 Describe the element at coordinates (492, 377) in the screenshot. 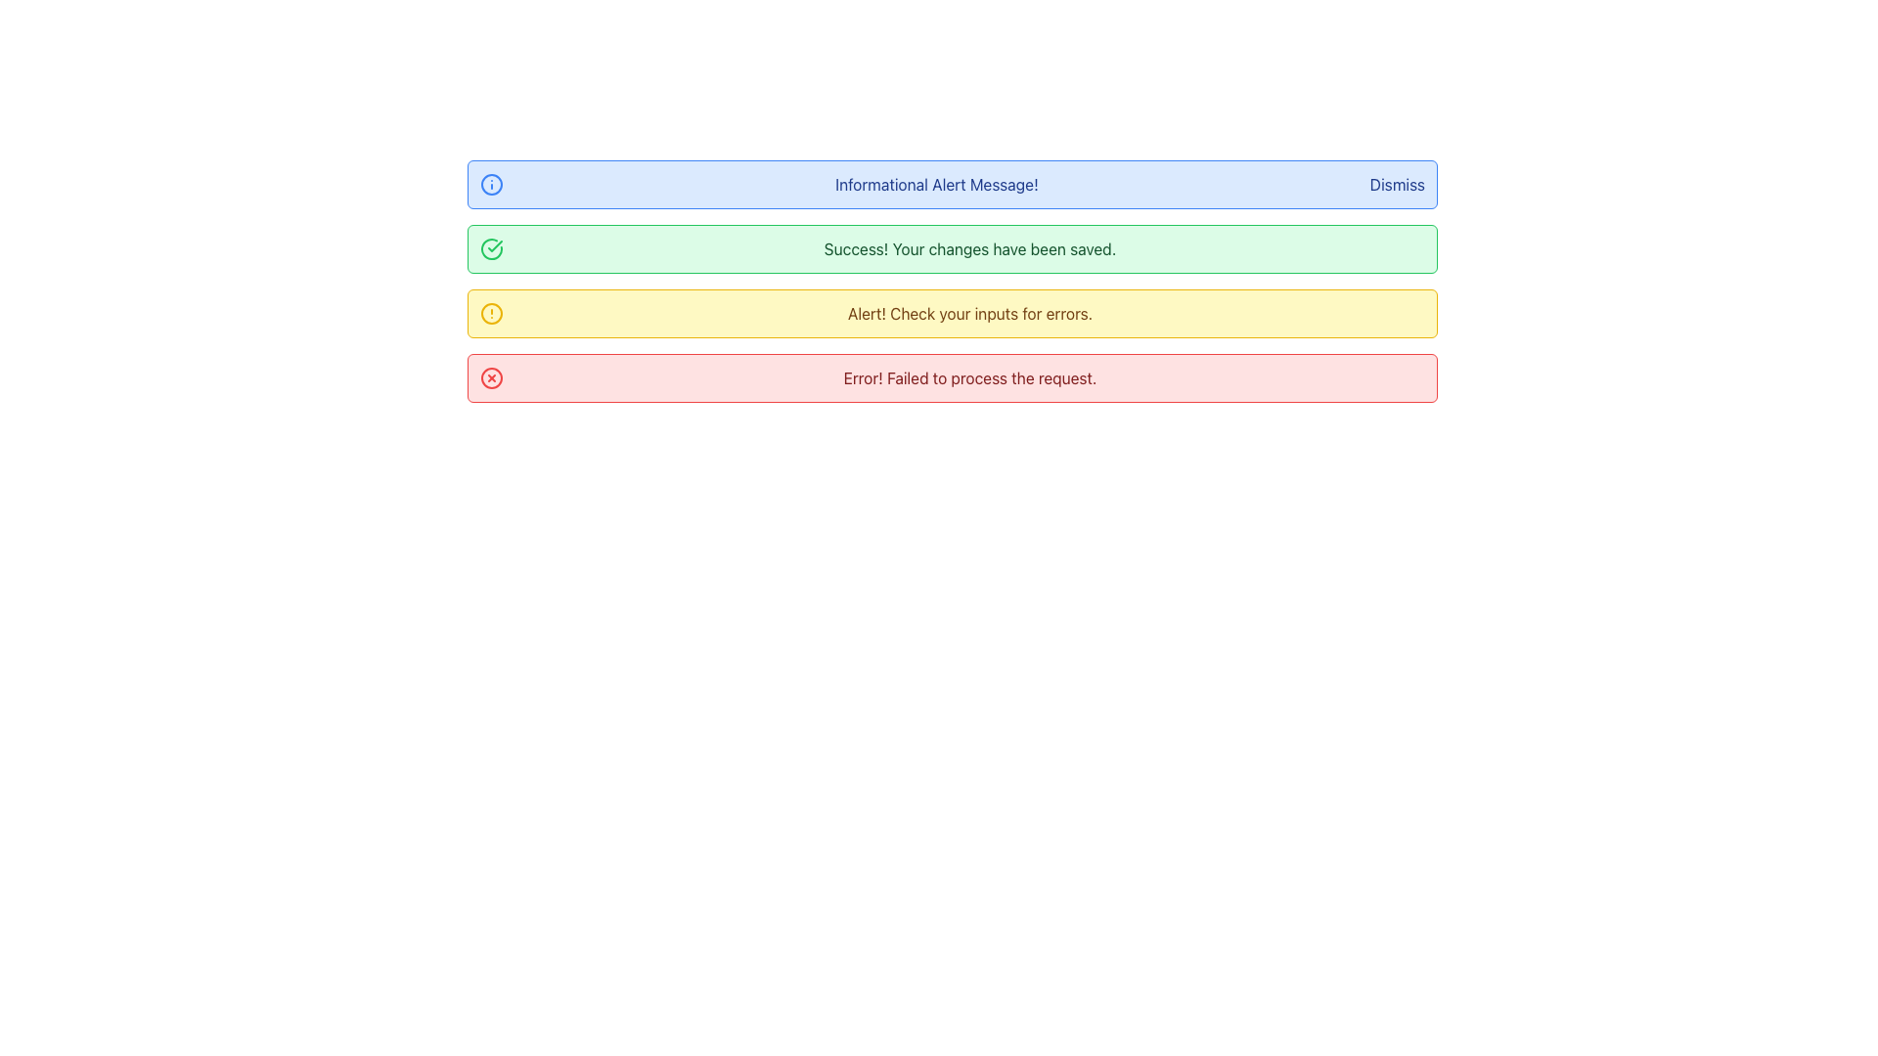

I see `the SVG-based Icon that indicates an error state, located at the leftmost part of the red alert message displaying 'Error! Failed to process the request.'` at that location.